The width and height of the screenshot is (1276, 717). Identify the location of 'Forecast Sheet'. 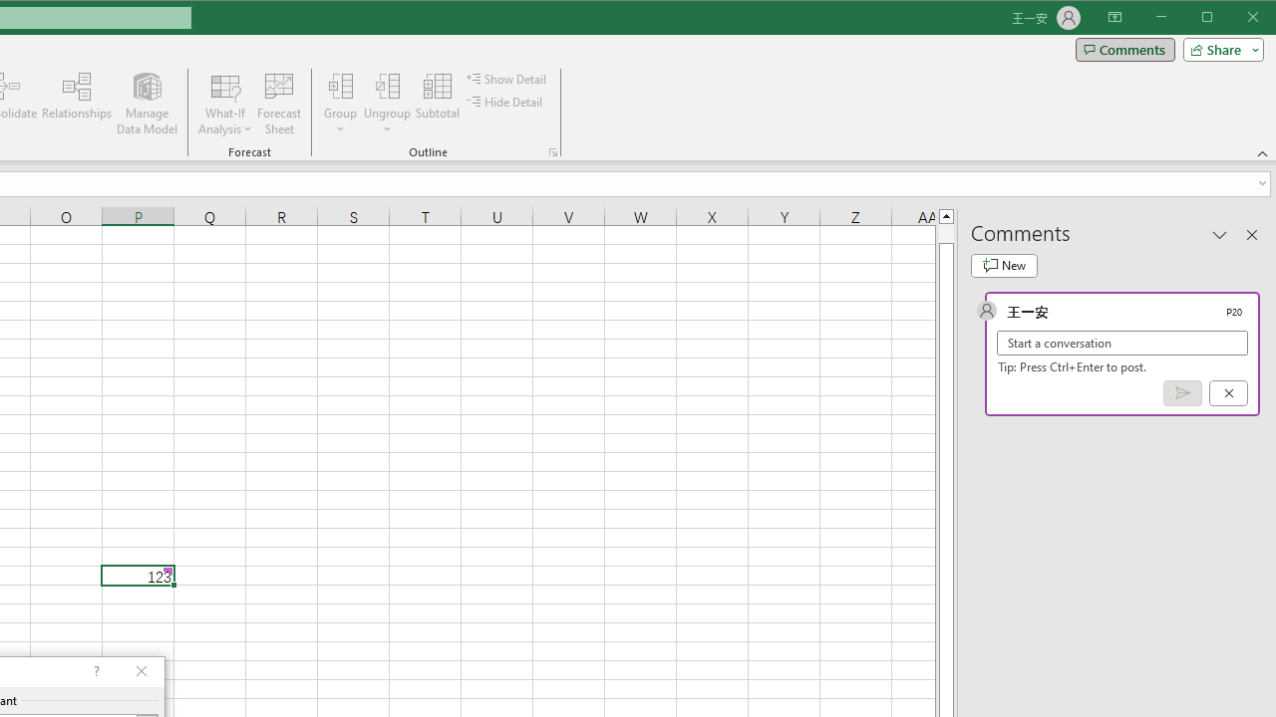
(278, 104).